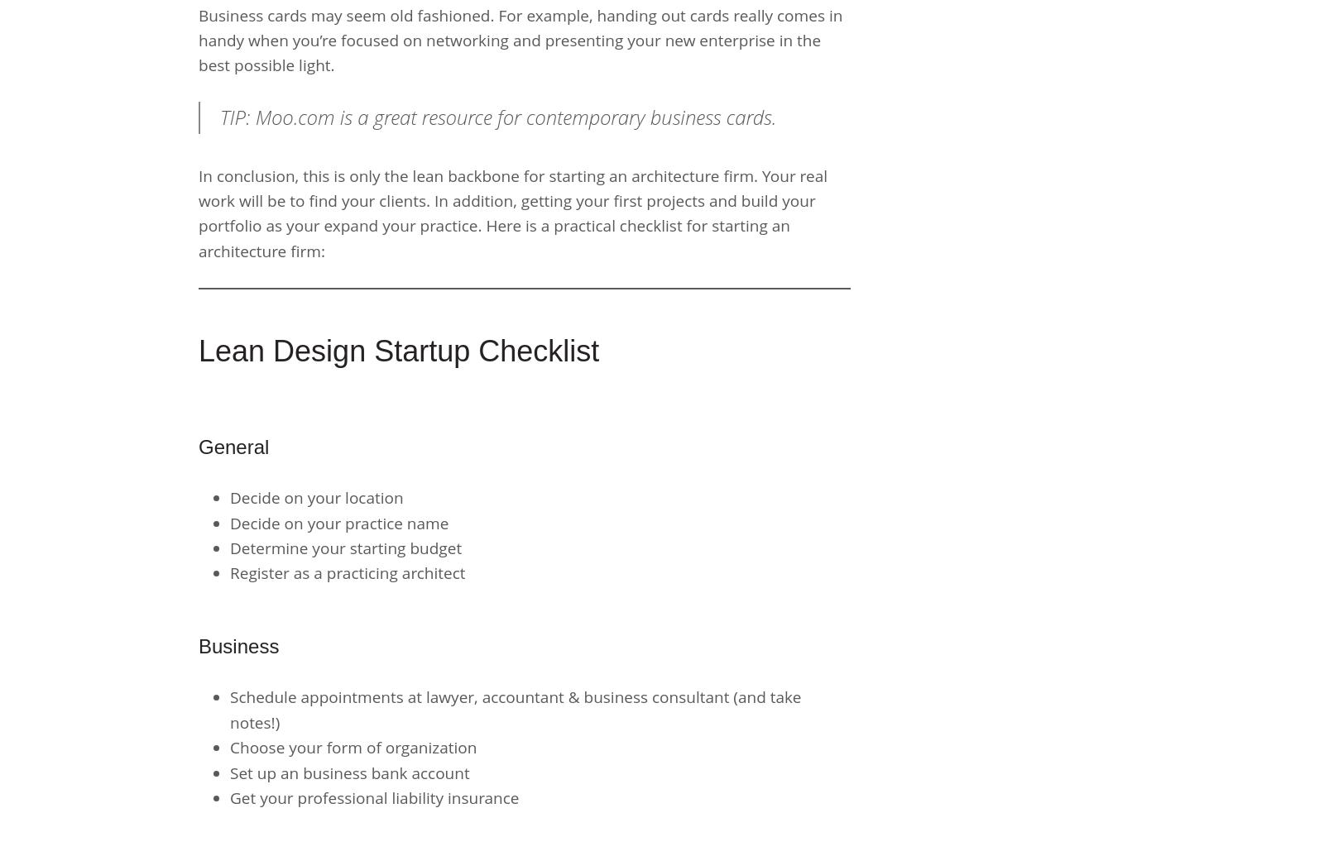 Image resolution: width=1324 pixels, height=856 pixels. What do you see at coordinates (348, 771) in the screenshot?
I see `'Set up an business bank account'` at bounding box center [348, 771].